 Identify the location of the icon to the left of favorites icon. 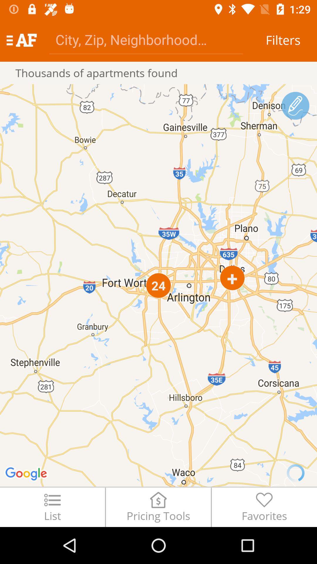
(158, 507).